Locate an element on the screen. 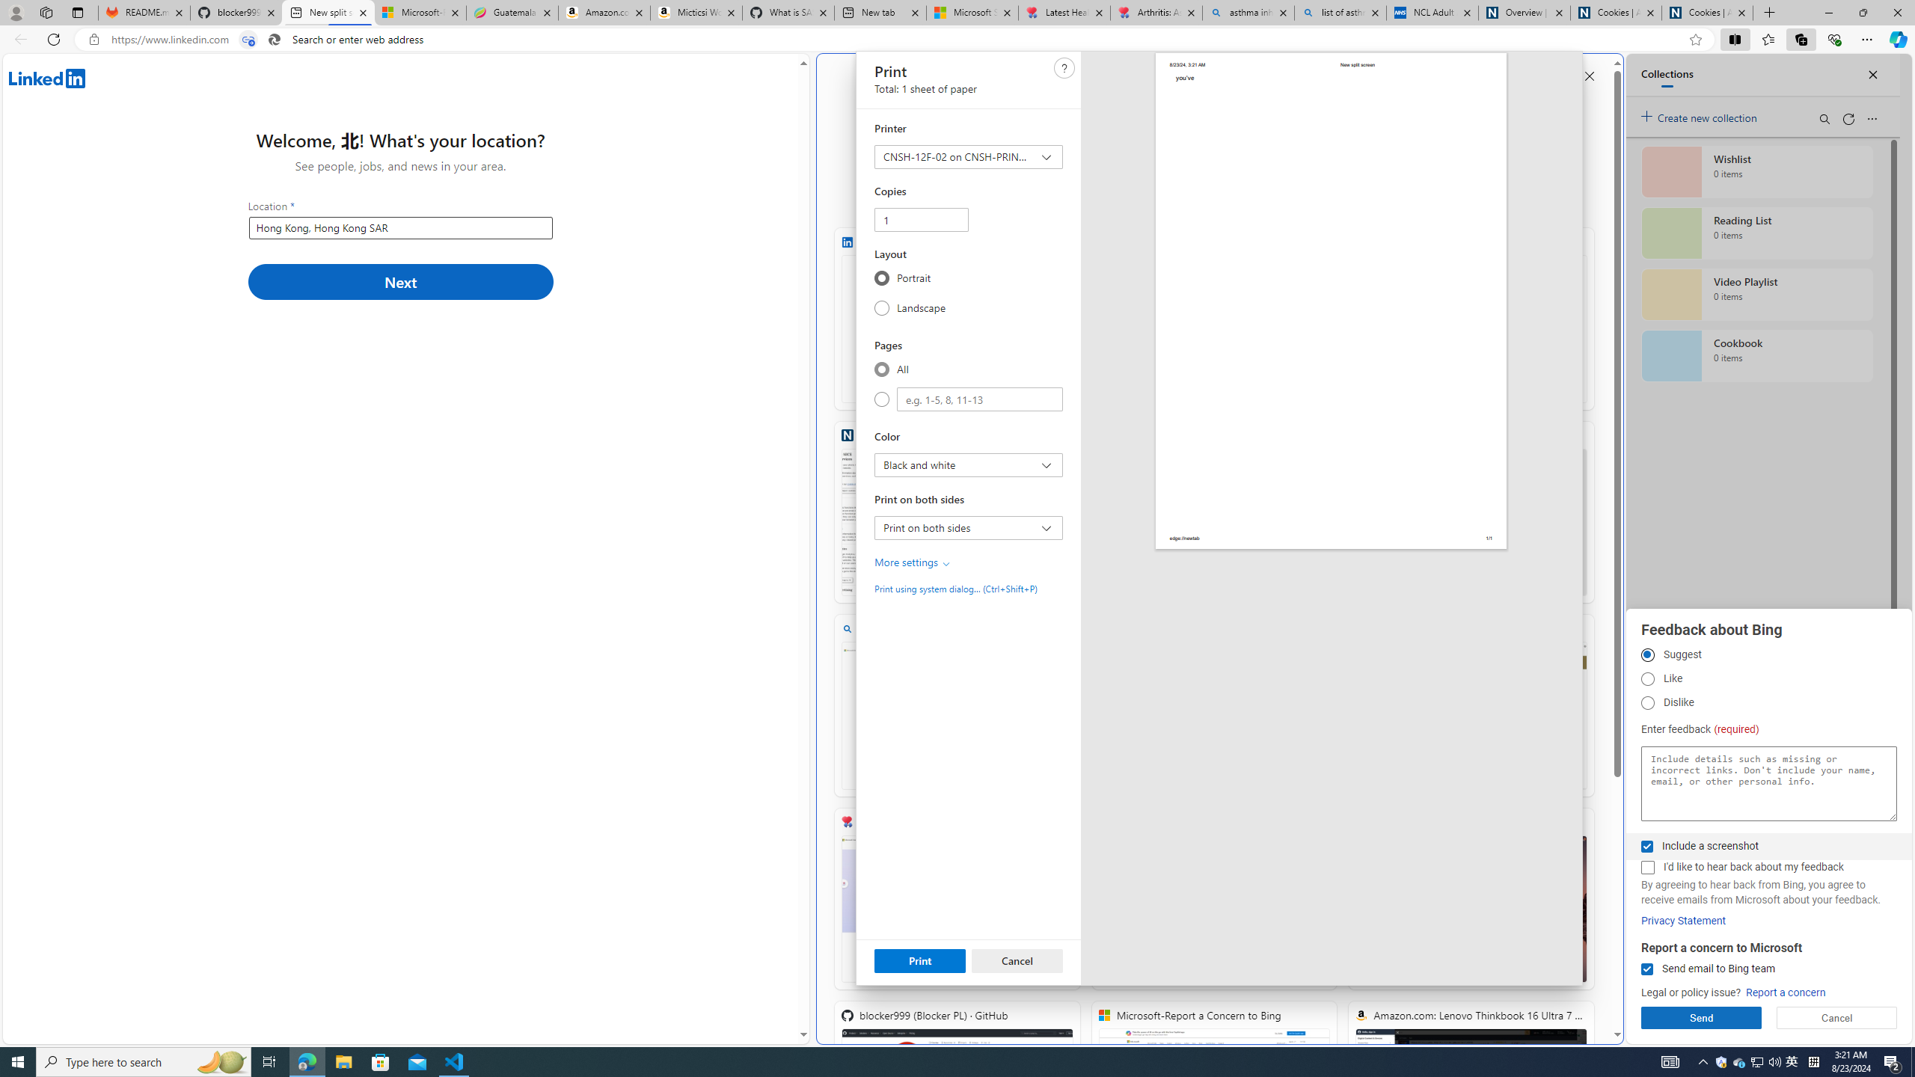 The width and height of the screenshot is (1915, 1077). 'Need help' is located at coordinates (1064, 67).